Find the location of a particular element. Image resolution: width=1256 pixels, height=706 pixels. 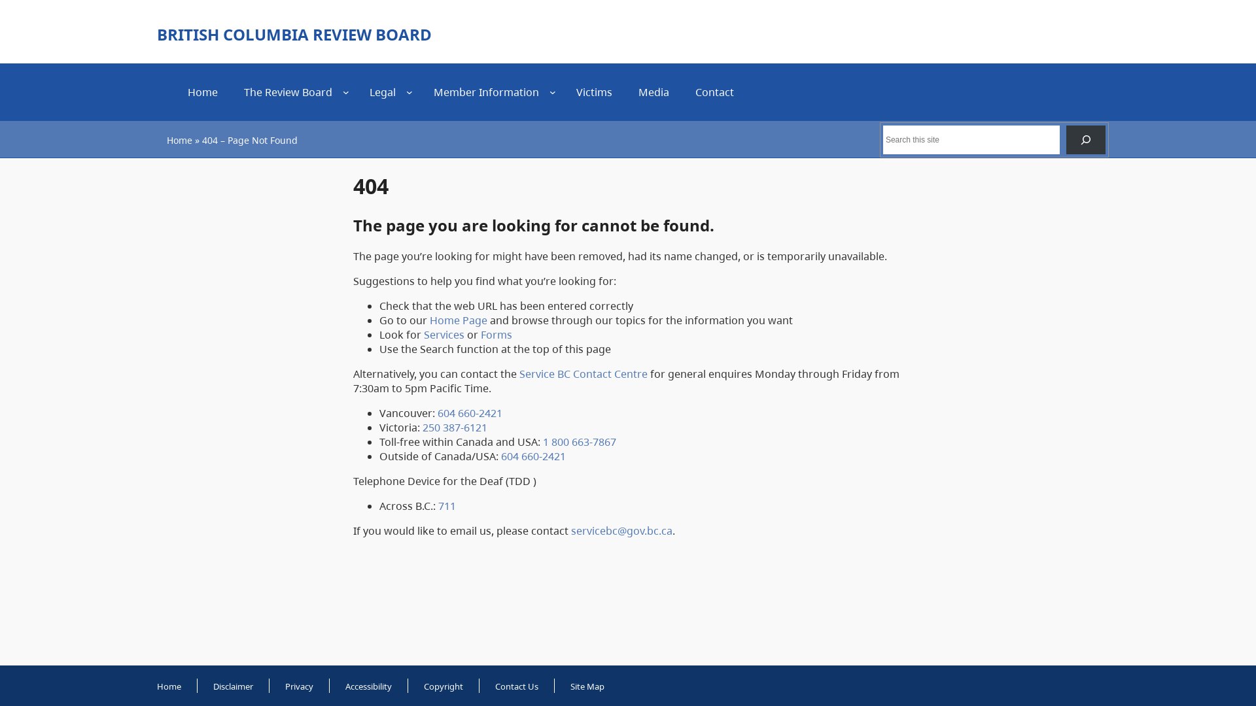

'Privacy' is located at coordinates (298, 685).